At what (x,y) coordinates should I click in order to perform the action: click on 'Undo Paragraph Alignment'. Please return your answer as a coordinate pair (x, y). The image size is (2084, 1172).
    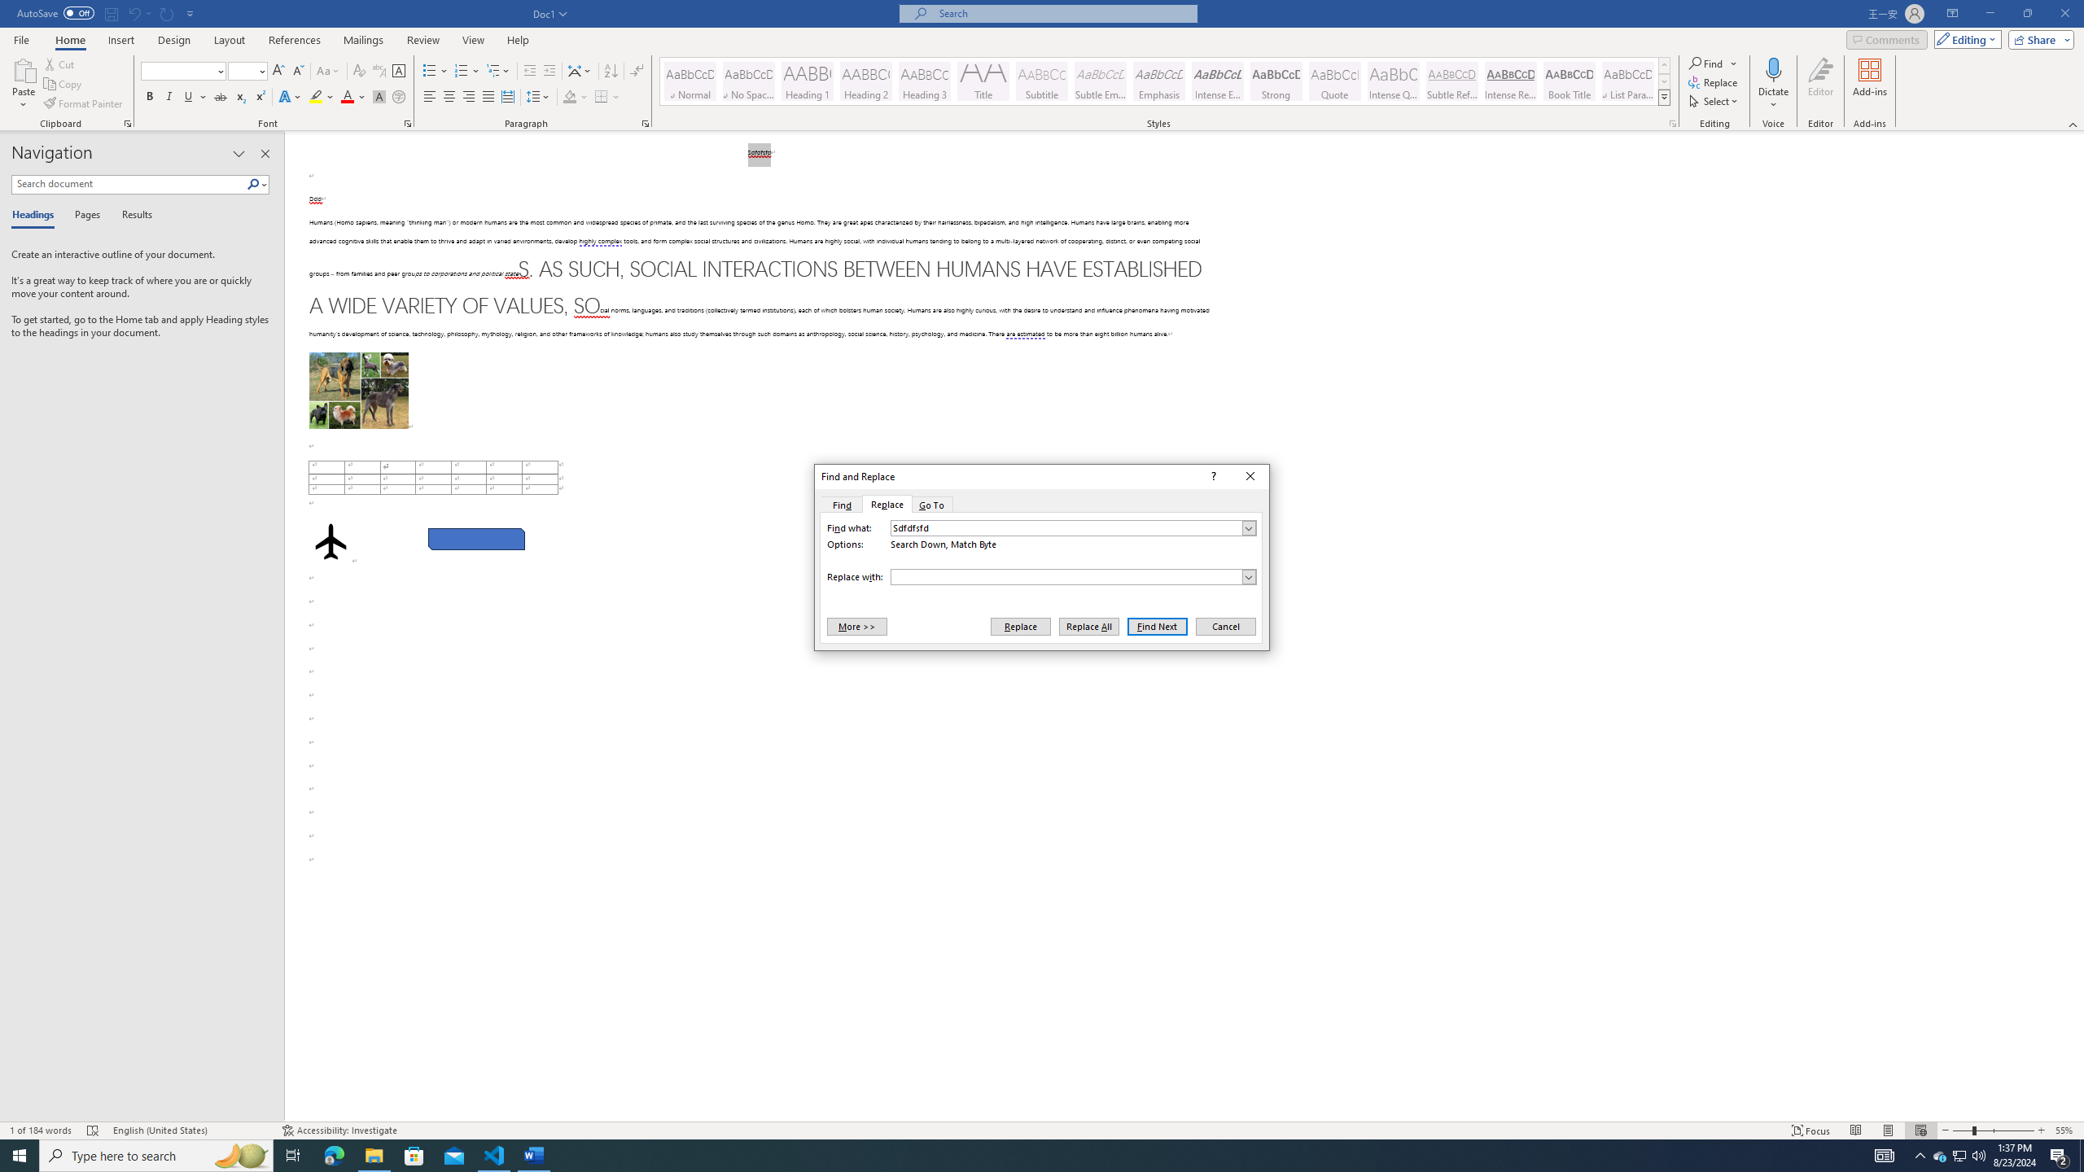
    Looking at the image, I should click on (133, 12).